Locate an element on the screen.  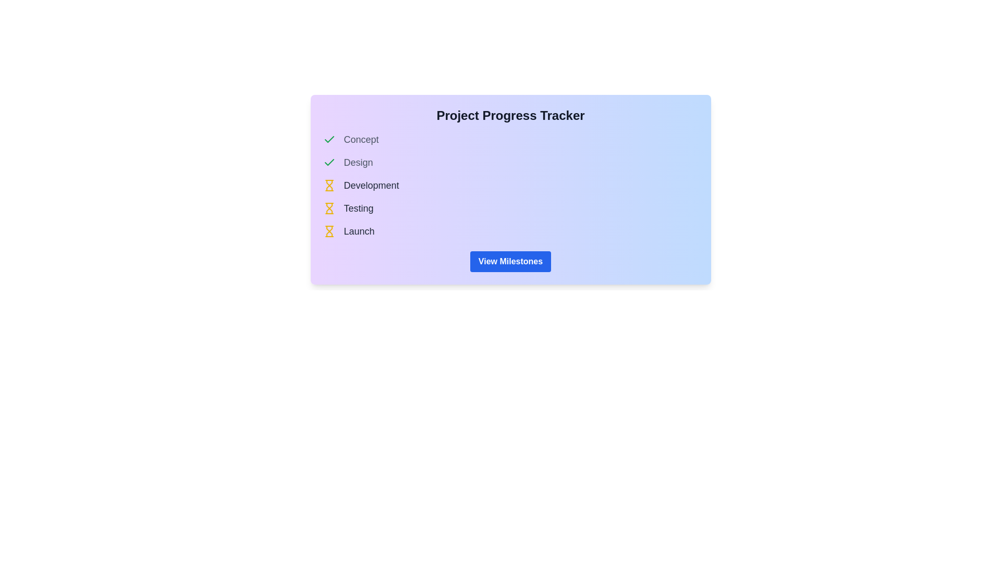
the checkmark icon indicating the completion status of the 'Design' stage in the project tracker interface is located at coordinates (328, 163).